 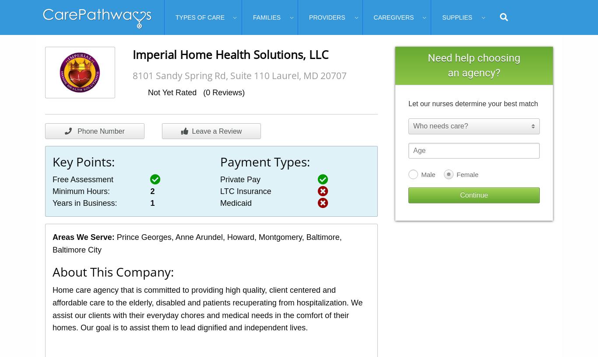 What do you see at coordinates (208, 308) in the screenshot?
I see `'Home care agency that is committed to providing high quality, client centered and affordable care to the elderly, disabled and patients recuperating from hospitalization. We assist our clients with their everyday chores and medical needs in the comfort of their homes. Our goal is to assist them to lead dignified and independent lives.'` at bounding box center [208, 308].